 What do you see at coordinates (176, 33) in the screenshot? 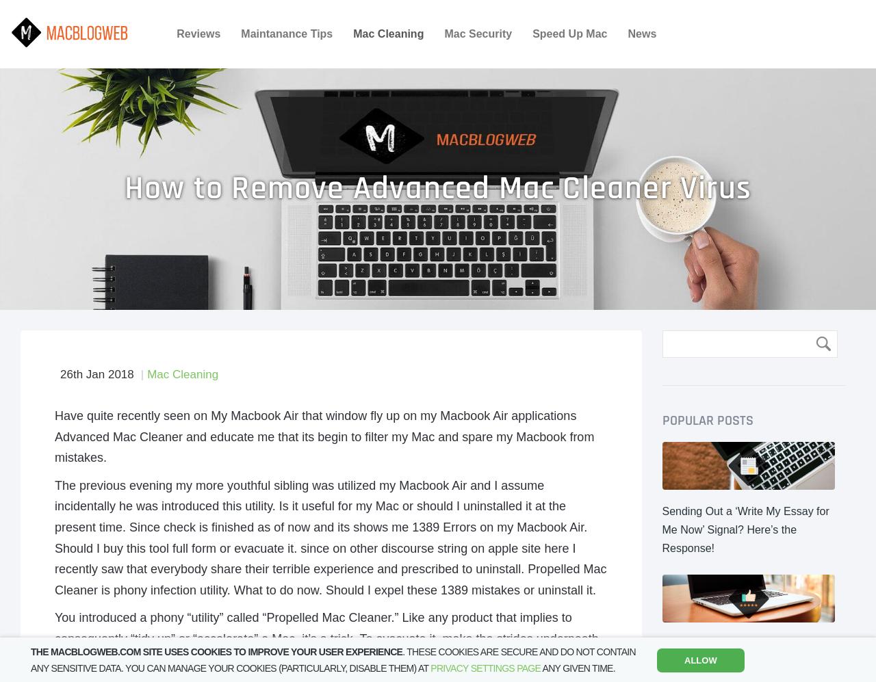
I see `'Reviews'` at bounding box center [176, 33].